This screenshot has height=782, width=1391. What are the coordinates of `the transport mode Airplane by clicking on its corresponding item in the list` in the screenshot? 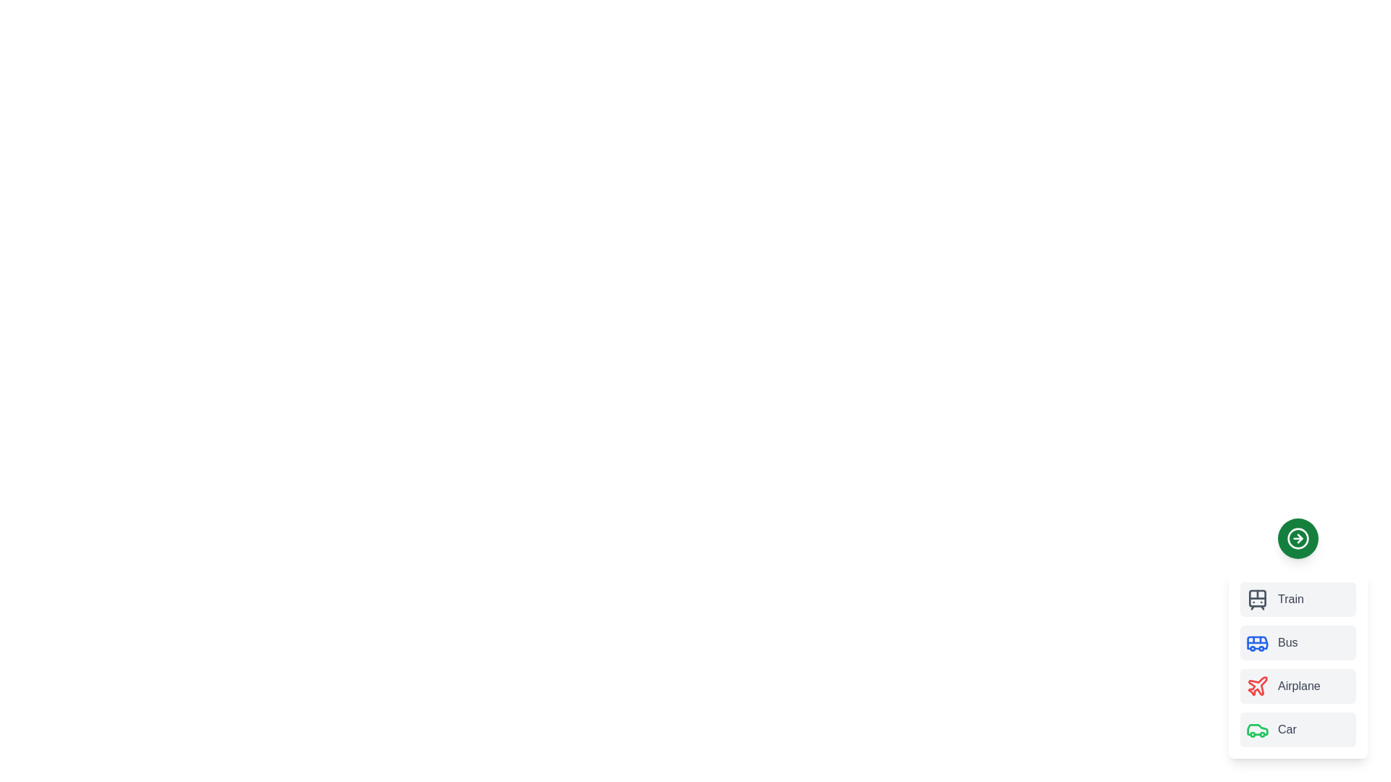 It's located at (1298, 686).